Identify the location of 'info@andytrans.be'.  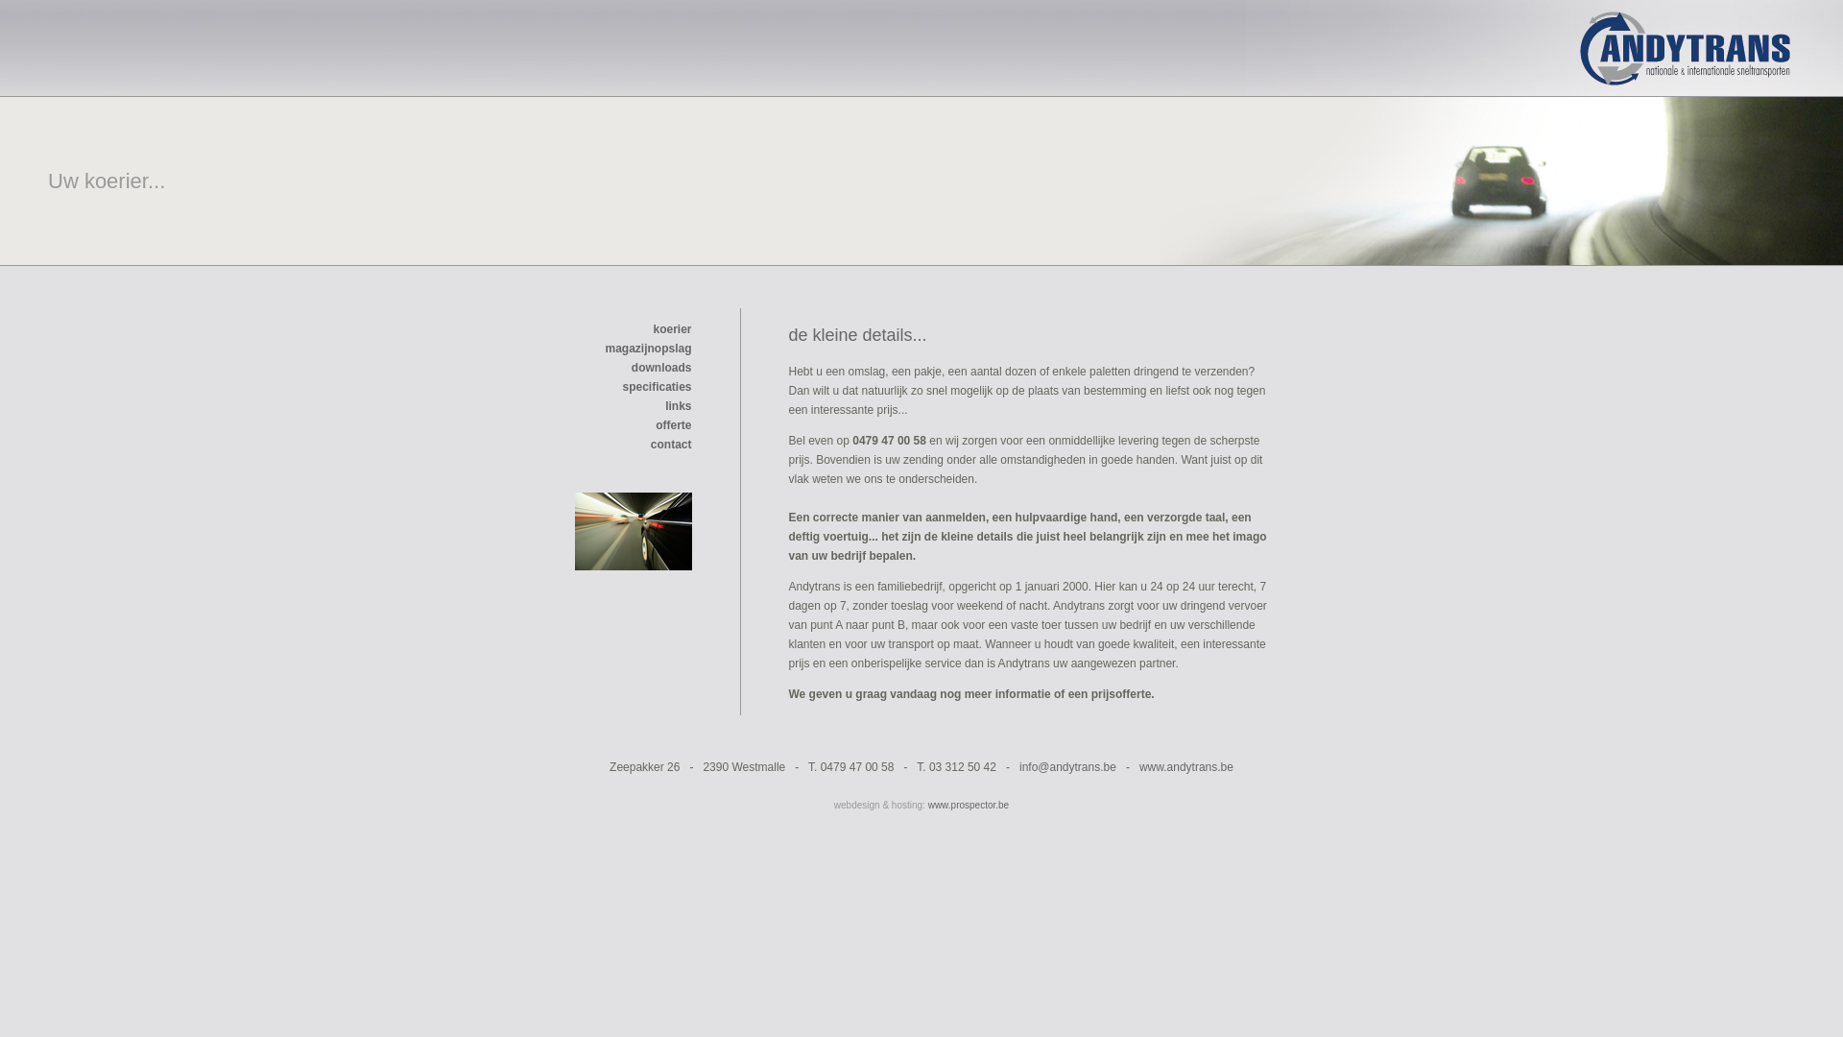
(1066, 765).